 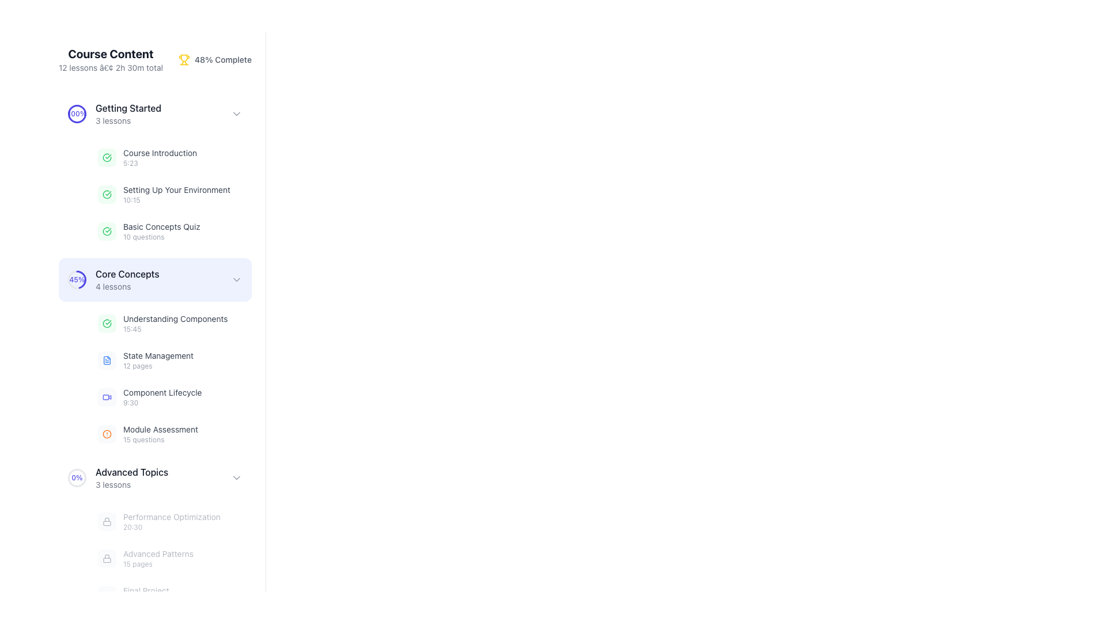 What do you see at coordinates (154, 280) in the screenshot?
I see `the second interactive menu item under the 'Getting Started' section` at bounding box center [154, 280].